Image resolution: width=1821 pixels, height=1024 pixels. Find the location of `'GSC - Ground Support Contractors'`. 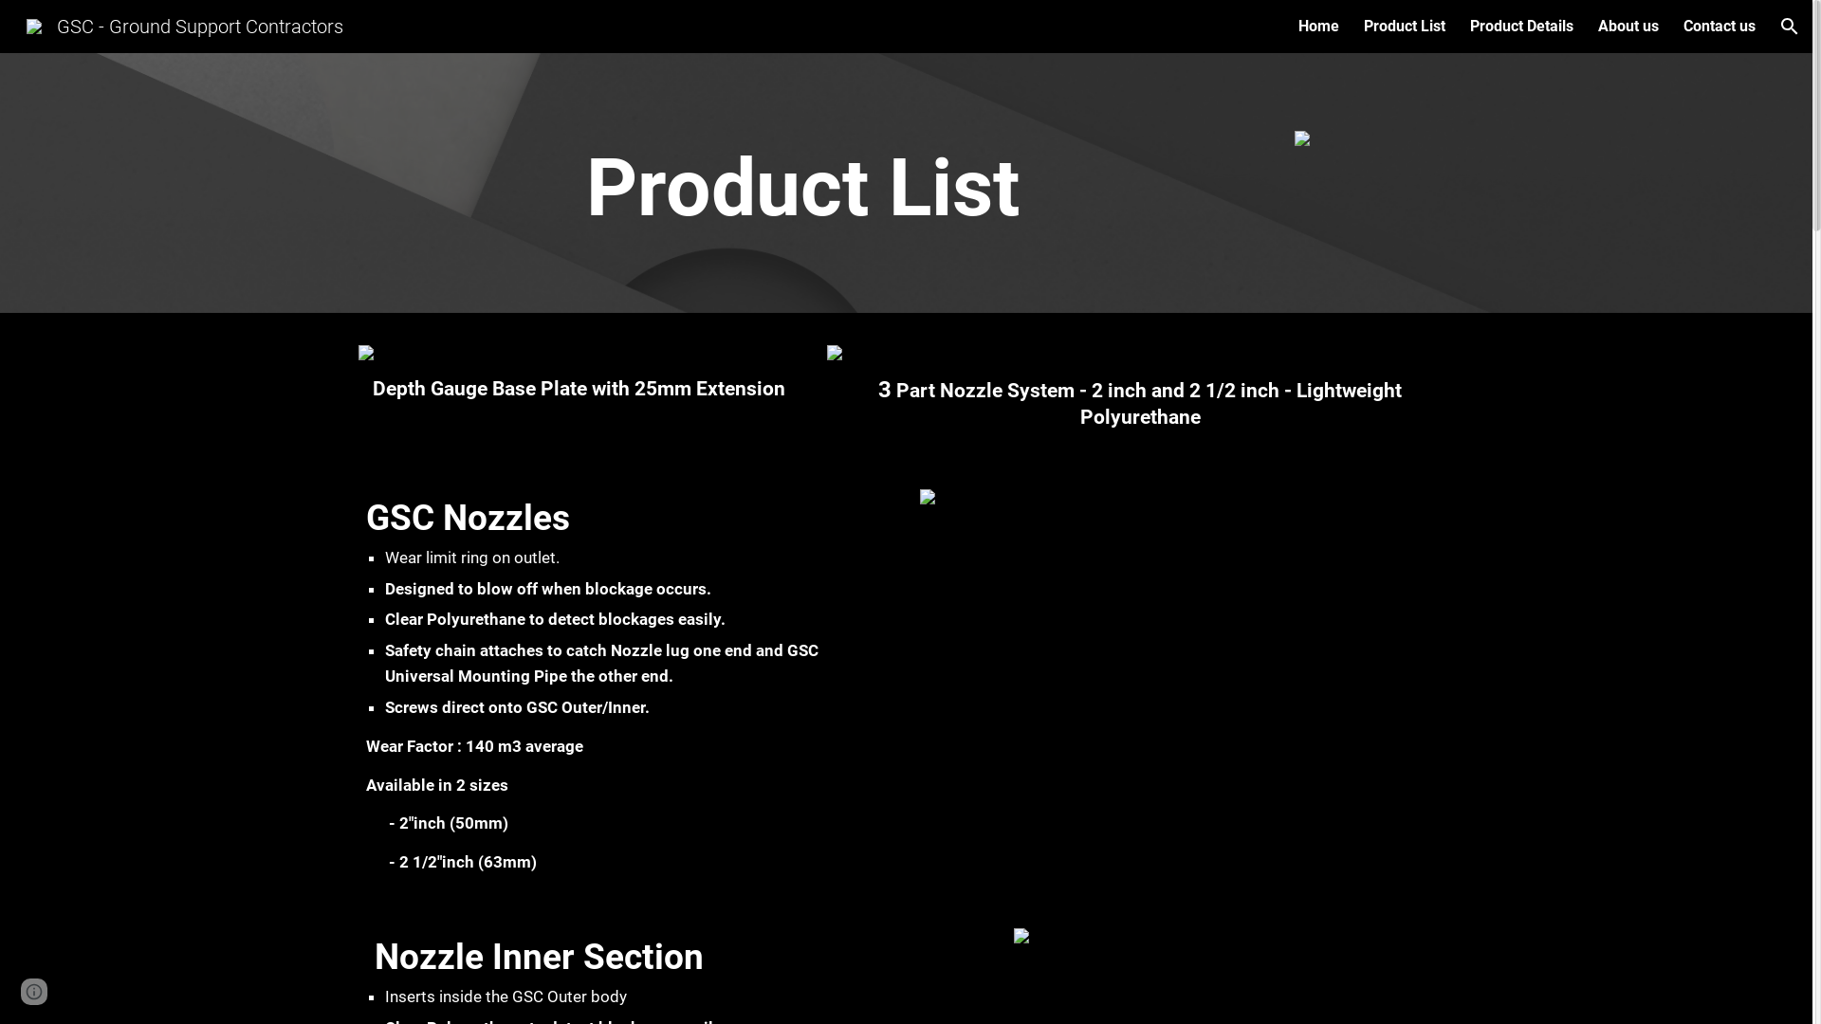

'GSC - Ground Support Contractors' is located at coordinates (185, 25).